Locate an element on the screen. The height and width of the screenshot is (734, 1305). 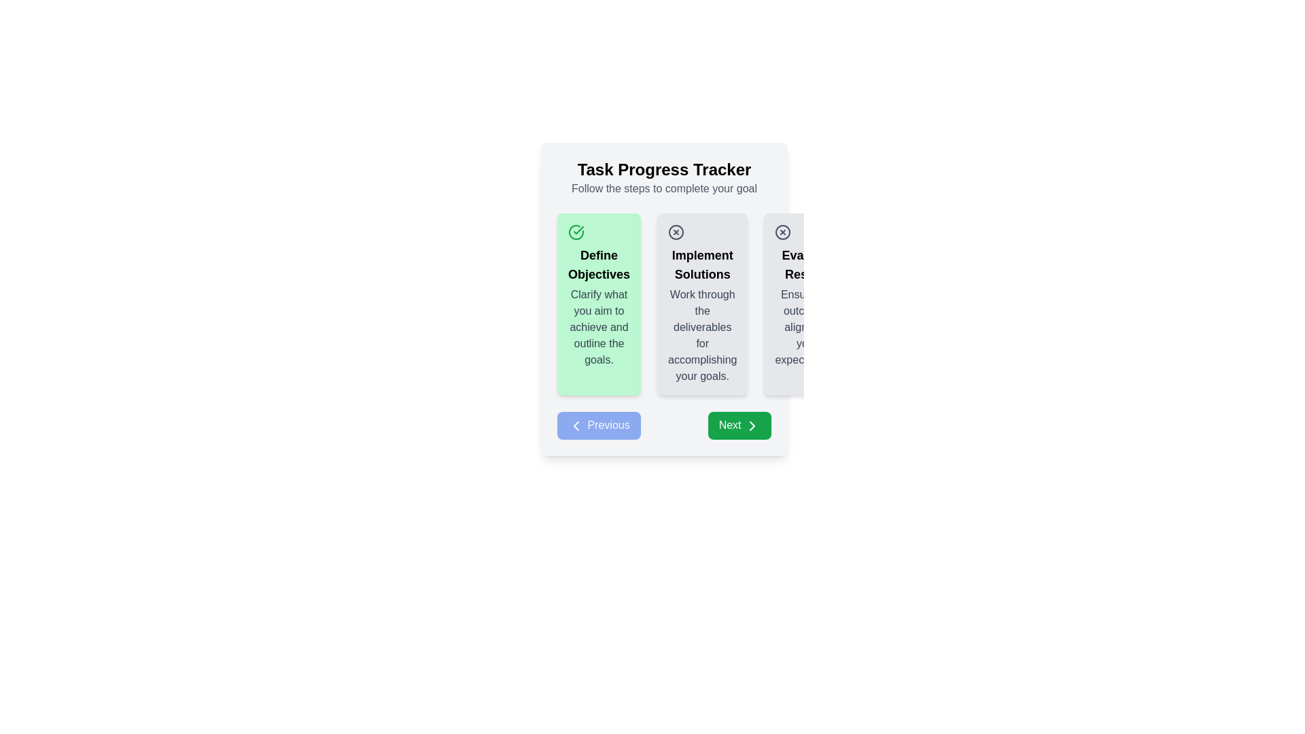
the green check mark icon within the circular check icon located in the upper-left corner of the 'Define Objectives' card in the task progress tracker interface is located at coordinates (578, 230).